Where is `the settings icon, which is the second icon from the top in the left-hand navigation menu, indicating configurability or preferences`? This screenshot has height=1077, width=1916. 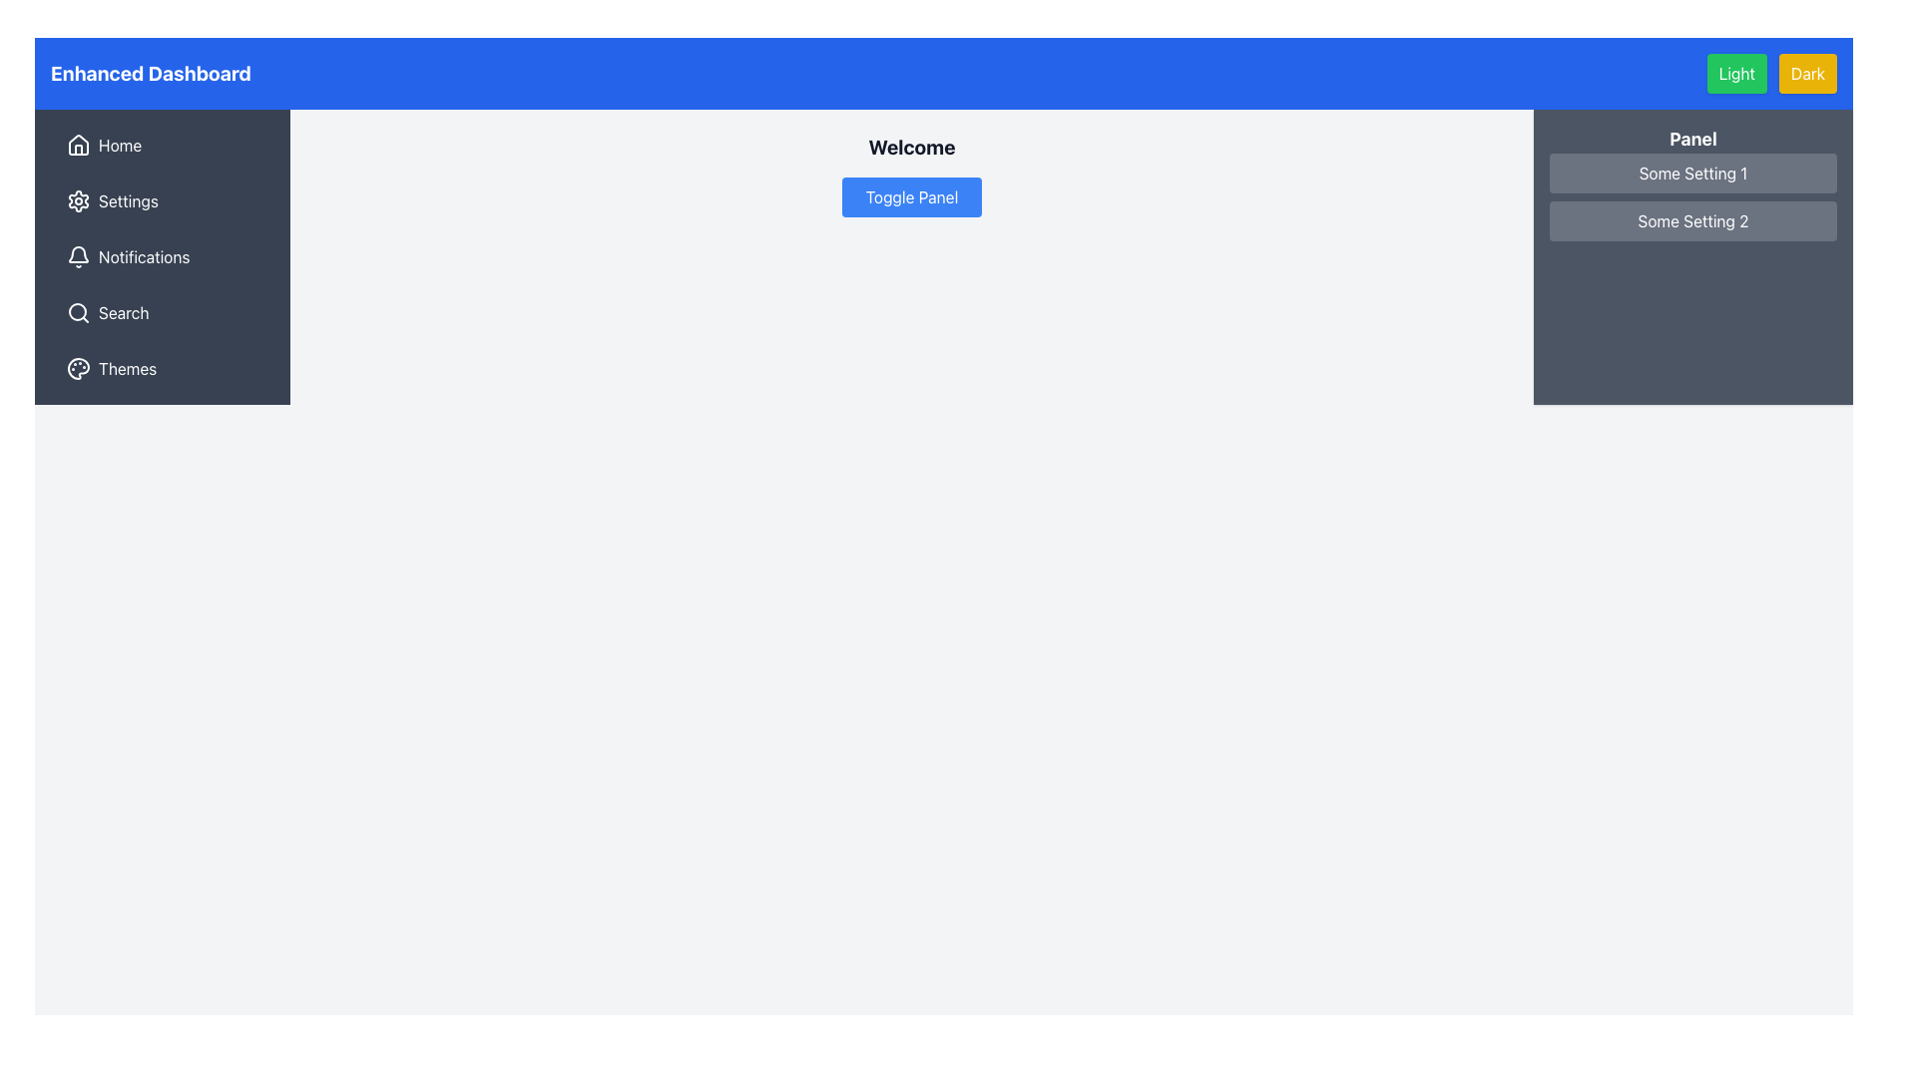 the settings icon, which is the second icon from the top in the left-hand navigation menu, indicating configurability or preferences is located at coordinates (78, 200).